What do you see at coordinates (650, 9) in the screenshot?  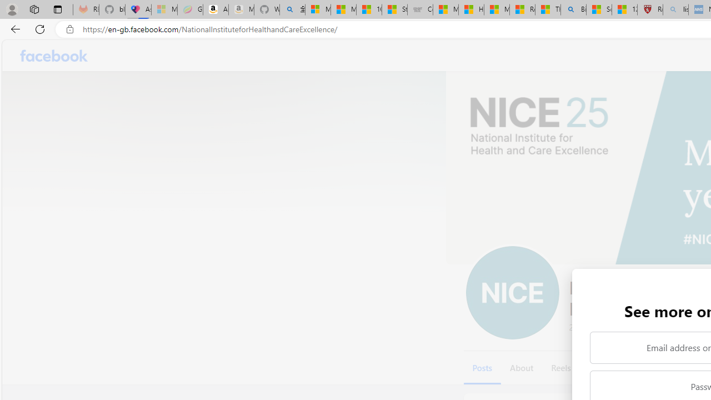 I see `'Robert H. Shmerling, MD - Harvard Health'` at bounding box center [650, 9].